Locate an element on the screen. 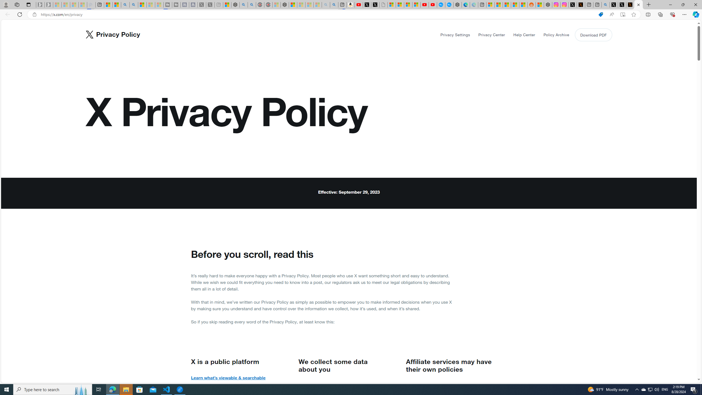  'Settings and more (Alt+F)' is located at coordinates (684, 14).